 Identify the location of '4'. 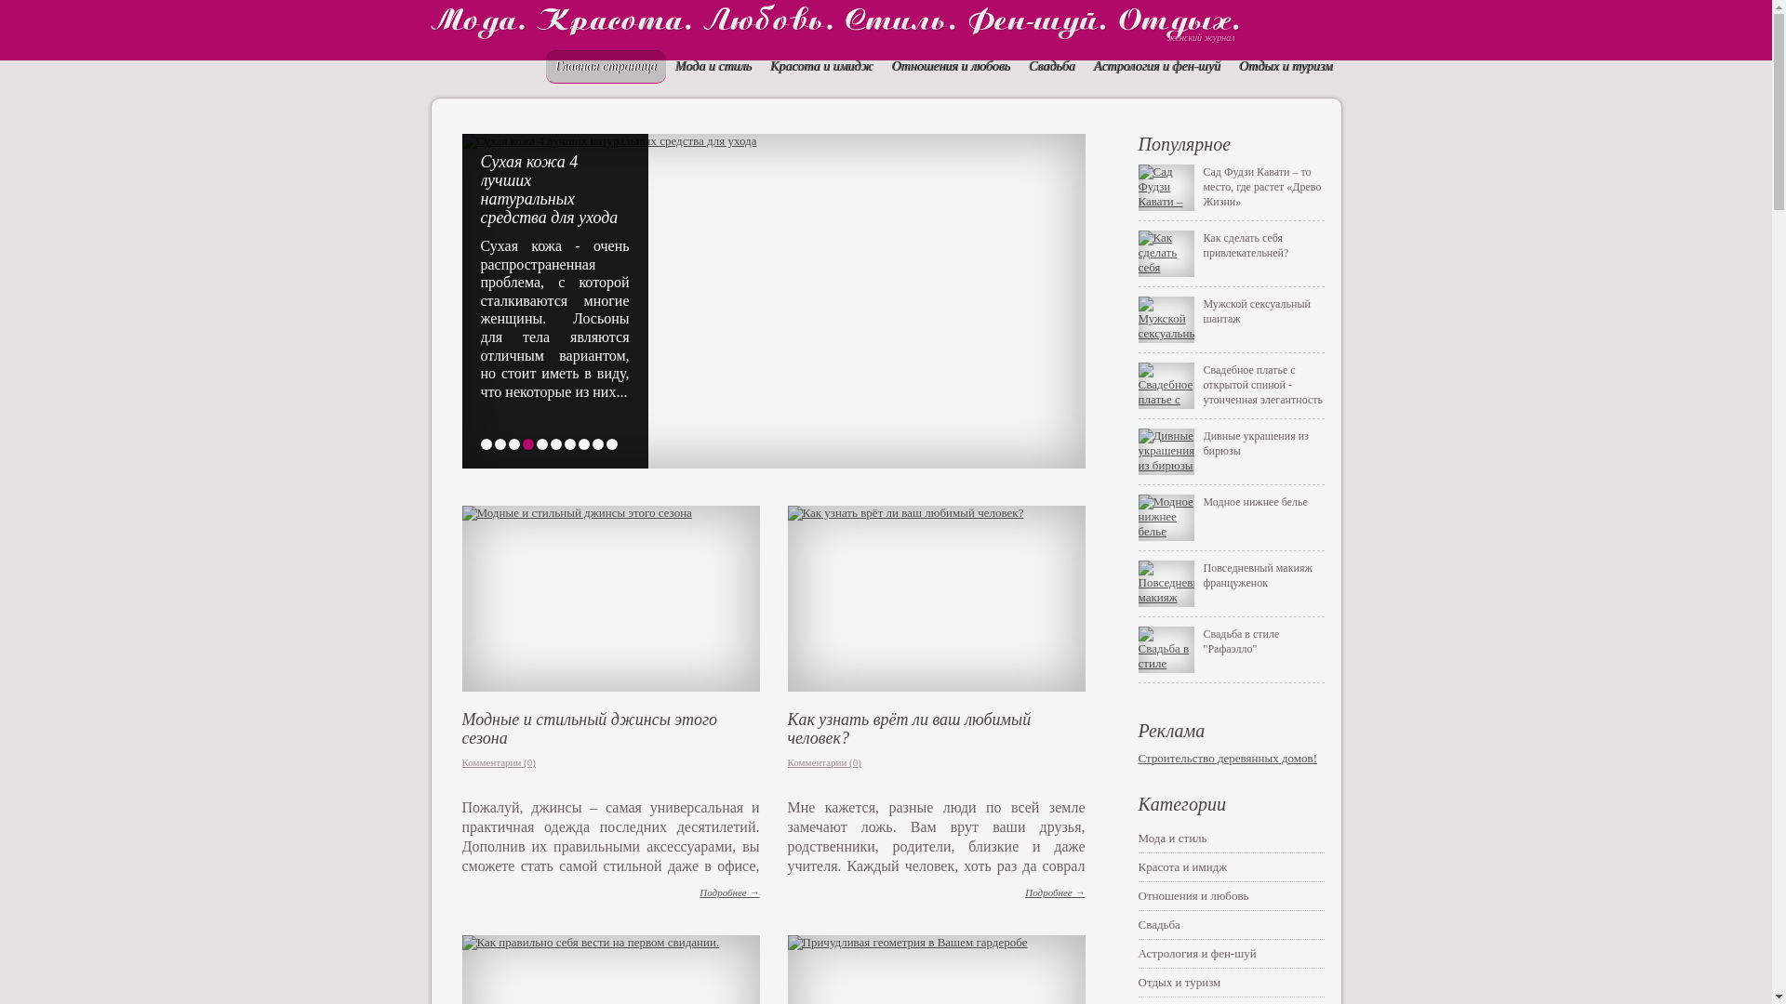
(526, 444).